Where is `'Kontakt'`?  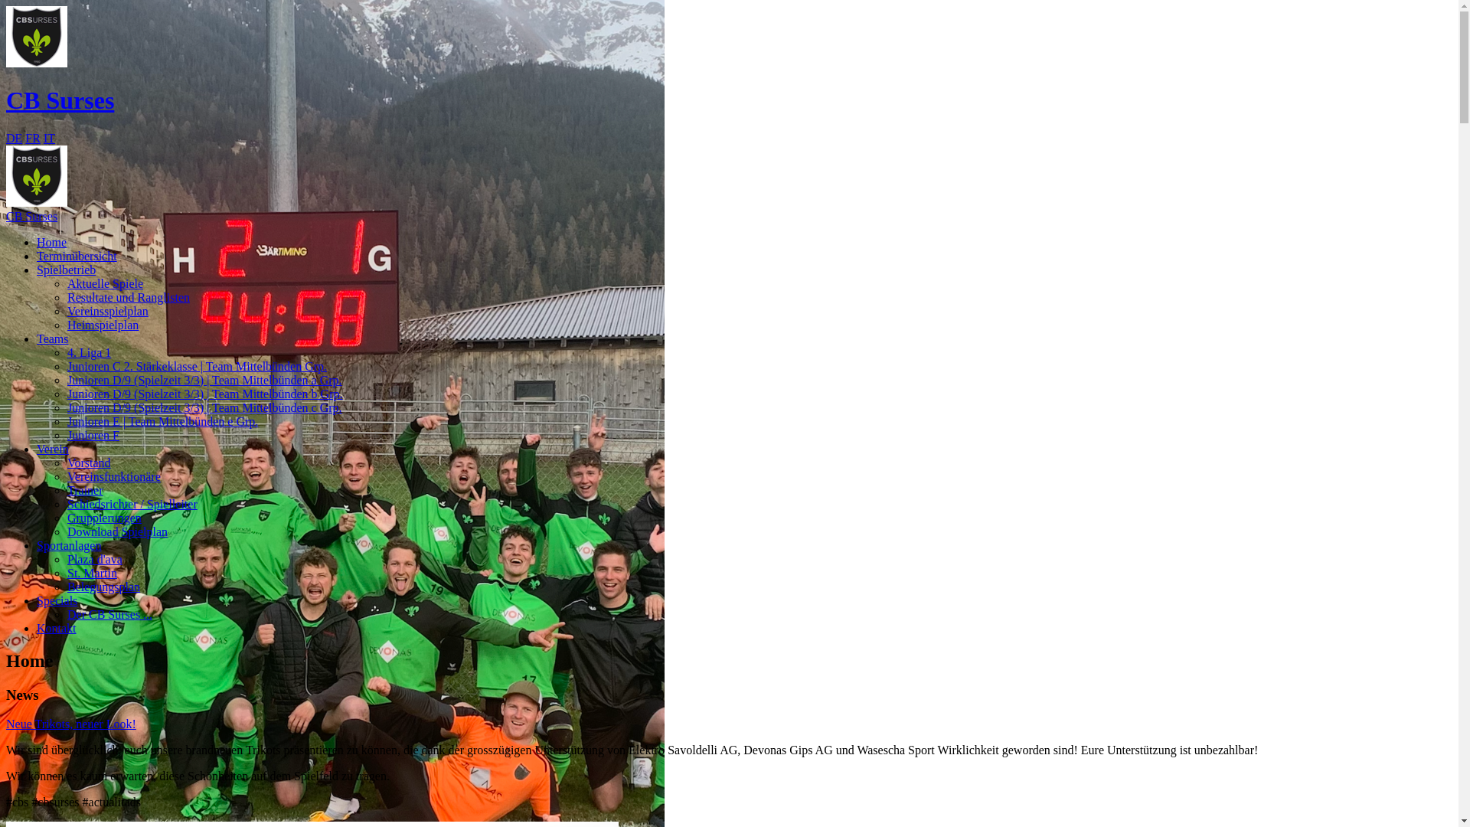 'Kontakt' is located at coordinates (56, 628).